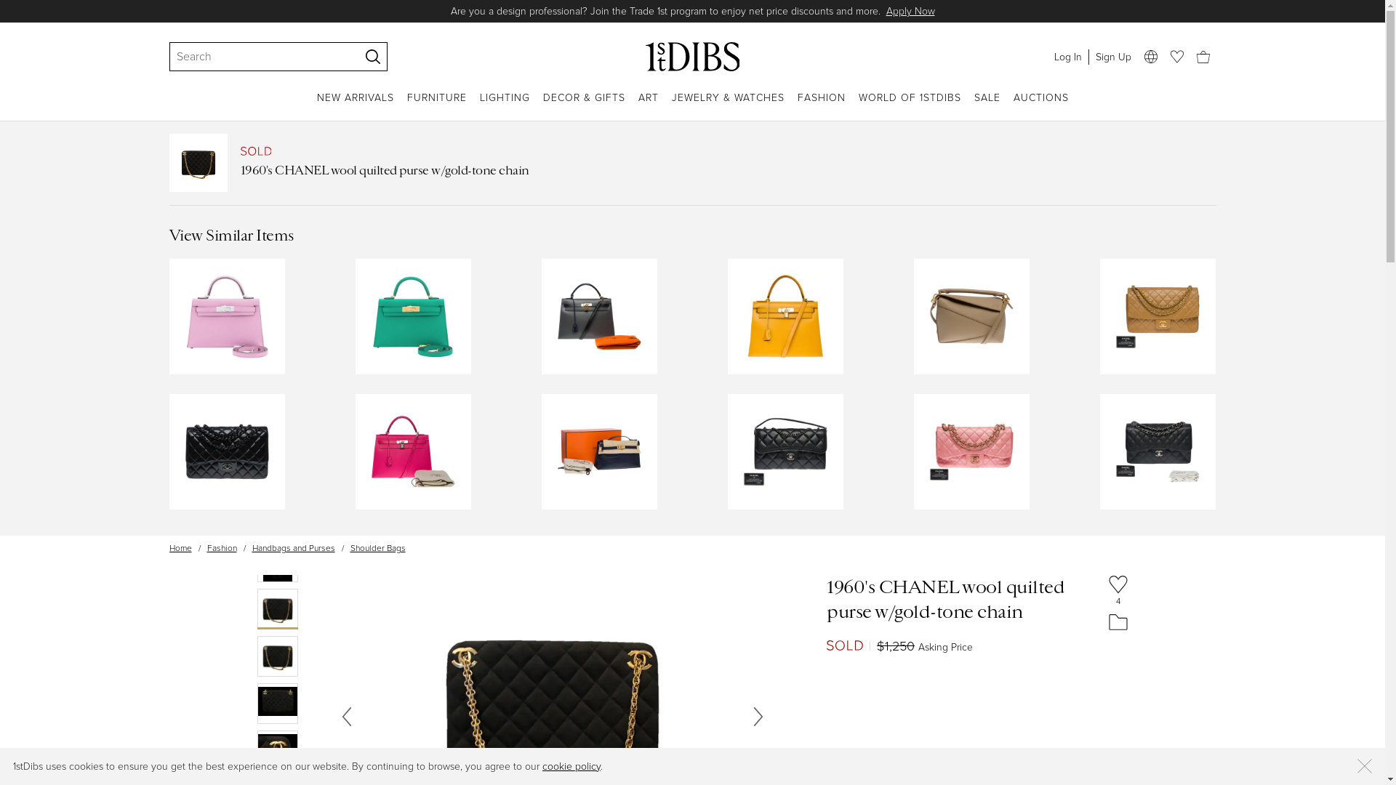 The width and height of the screenshot is (1396, 785). What do you see at coordinates (820, 105) in the screenshot?
I see `'FASHION'` at bounding box center [820, 105].